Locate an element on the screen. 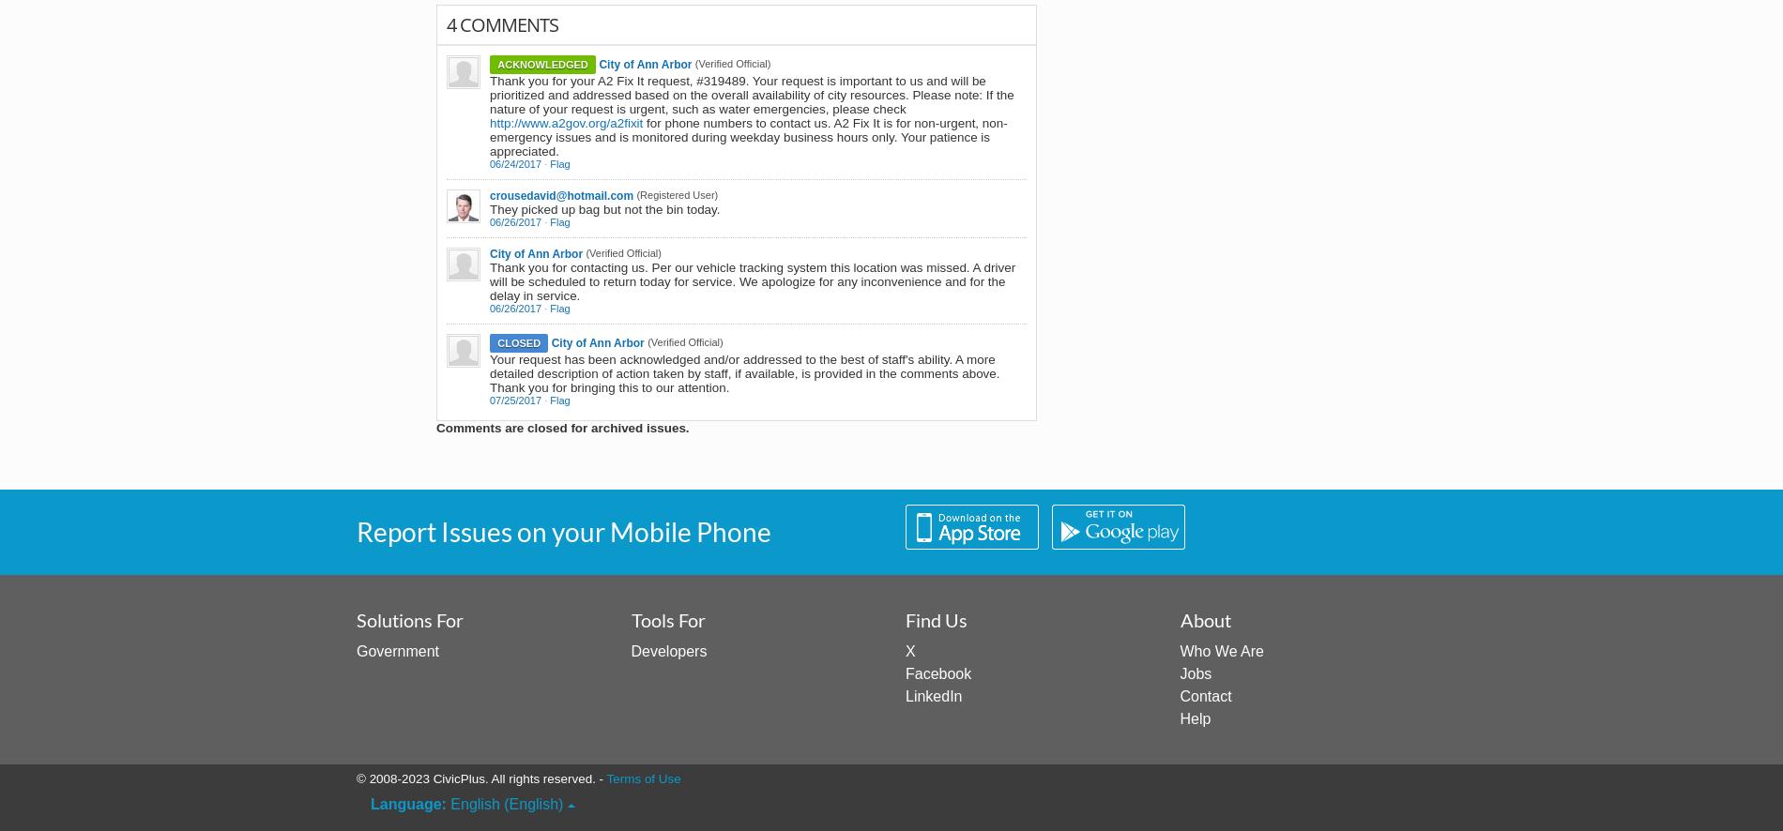 The image size is (1783, 831). 'crousedavid@hotmail.com' is located at coordinates (561, 195).